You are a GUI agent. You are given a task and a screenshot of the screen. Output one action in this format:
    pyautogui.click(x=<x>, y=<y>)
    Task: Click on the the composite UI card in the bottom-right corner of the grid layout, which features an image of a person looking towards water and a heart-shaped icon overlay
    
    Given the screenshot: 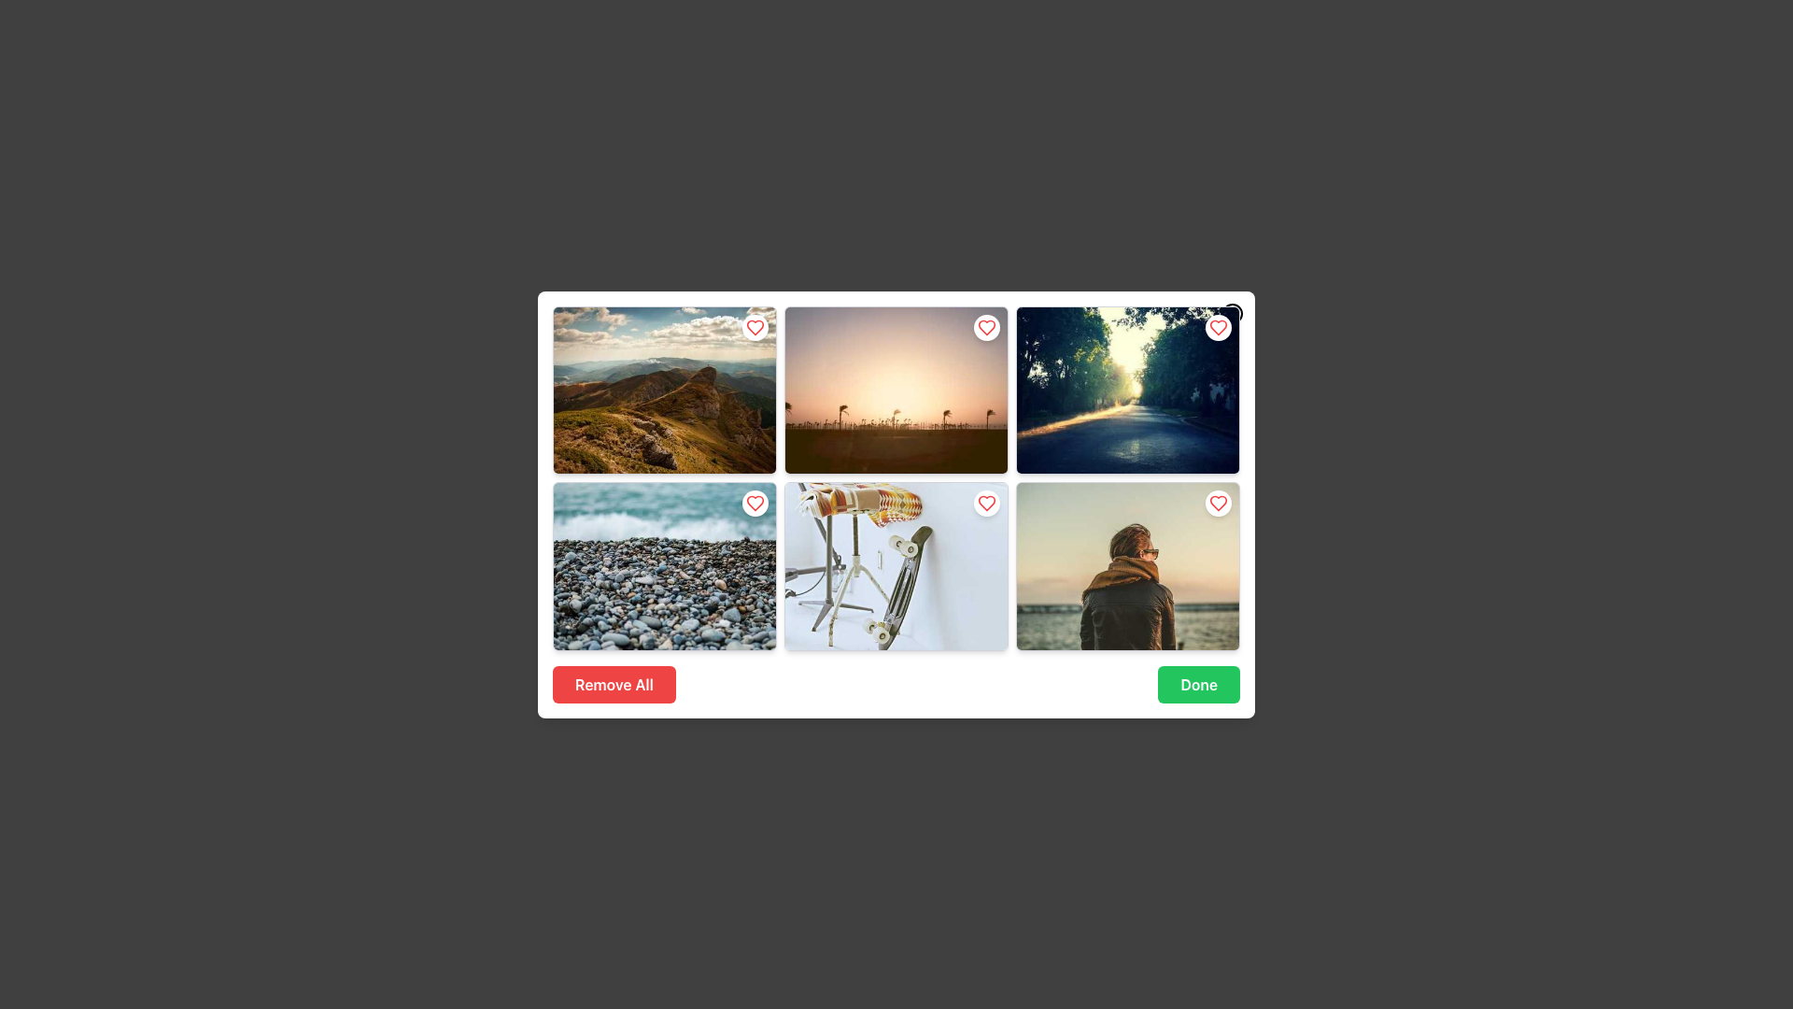 What is the action you would take?
    pyautogui.click(x=1127, y=564)
    